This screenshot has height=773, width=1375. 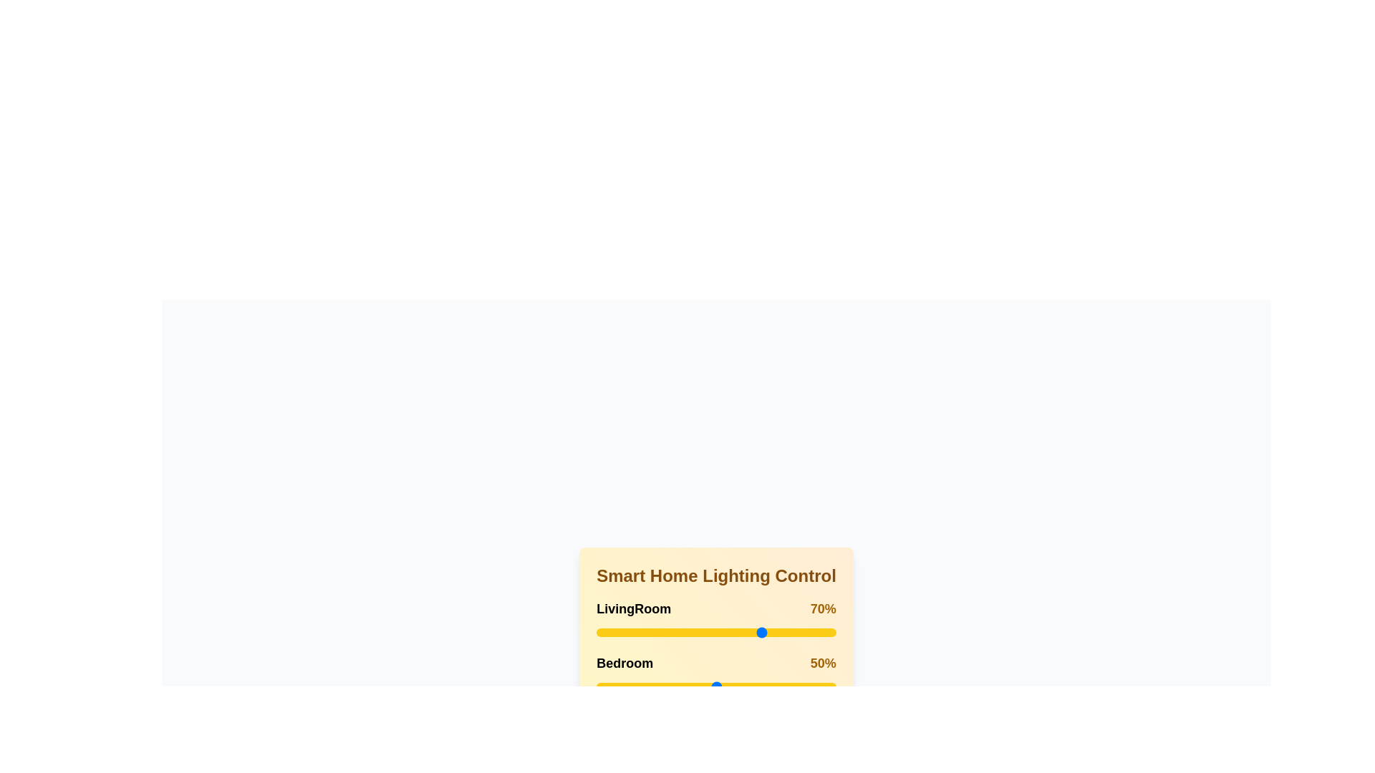 I want to click on the lighting control value, so click(x=810, y=631).